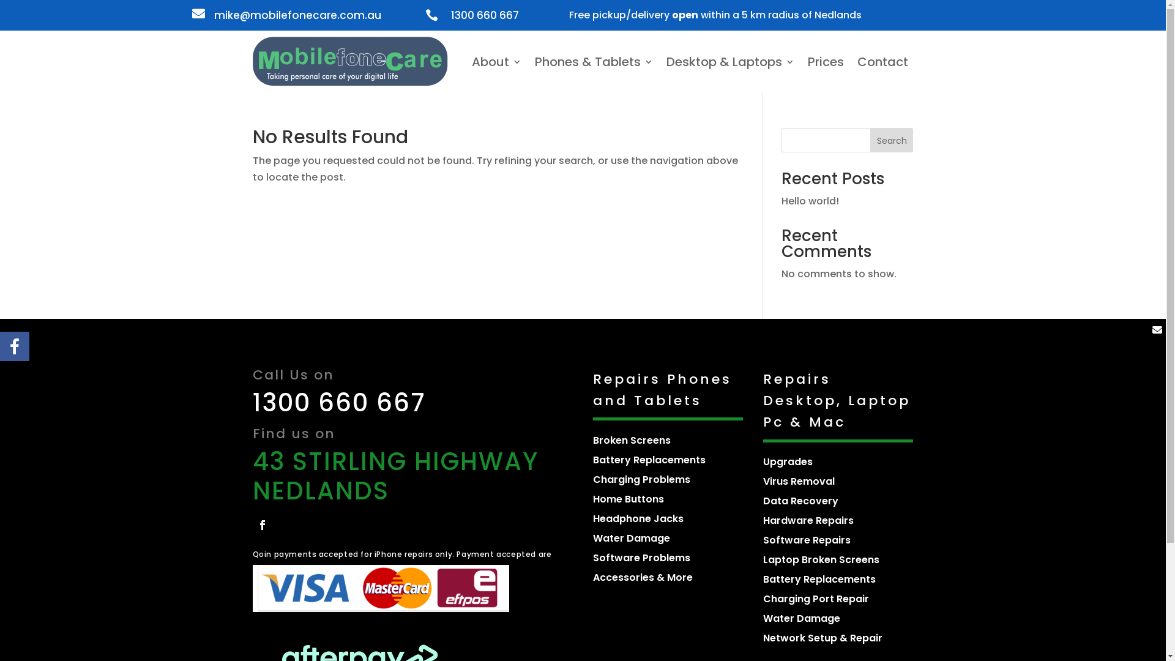  I want to click on 'Hardware Repairs', so click(808, 520).